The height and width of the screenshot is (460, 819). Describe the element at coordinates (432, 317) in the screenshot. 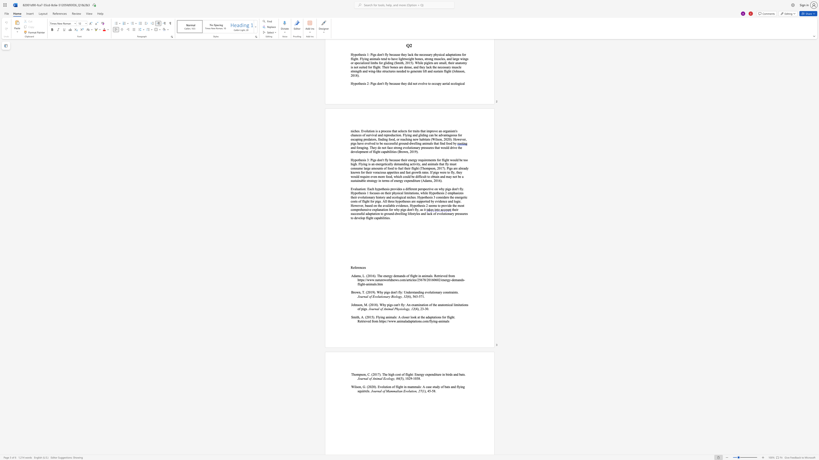

I see `the 4th character "t" in the text` at that location.